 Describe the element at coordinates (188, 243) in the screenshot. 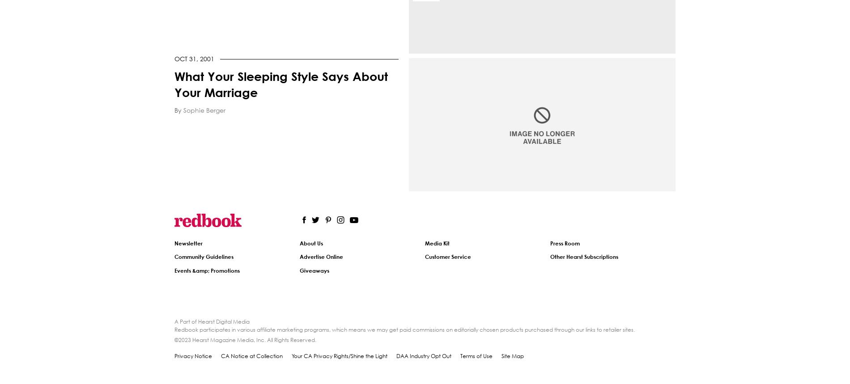

I see `'Newsletter'` at that location.